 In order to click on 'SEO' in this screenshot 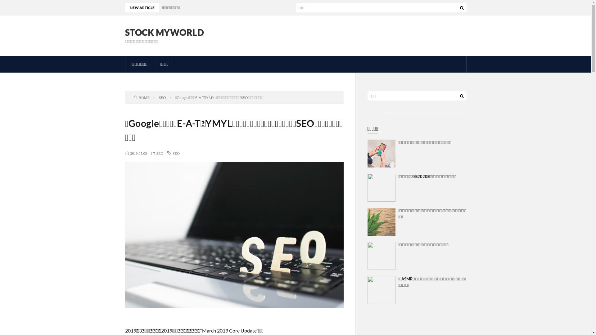, I will do `click(162, 97)`.